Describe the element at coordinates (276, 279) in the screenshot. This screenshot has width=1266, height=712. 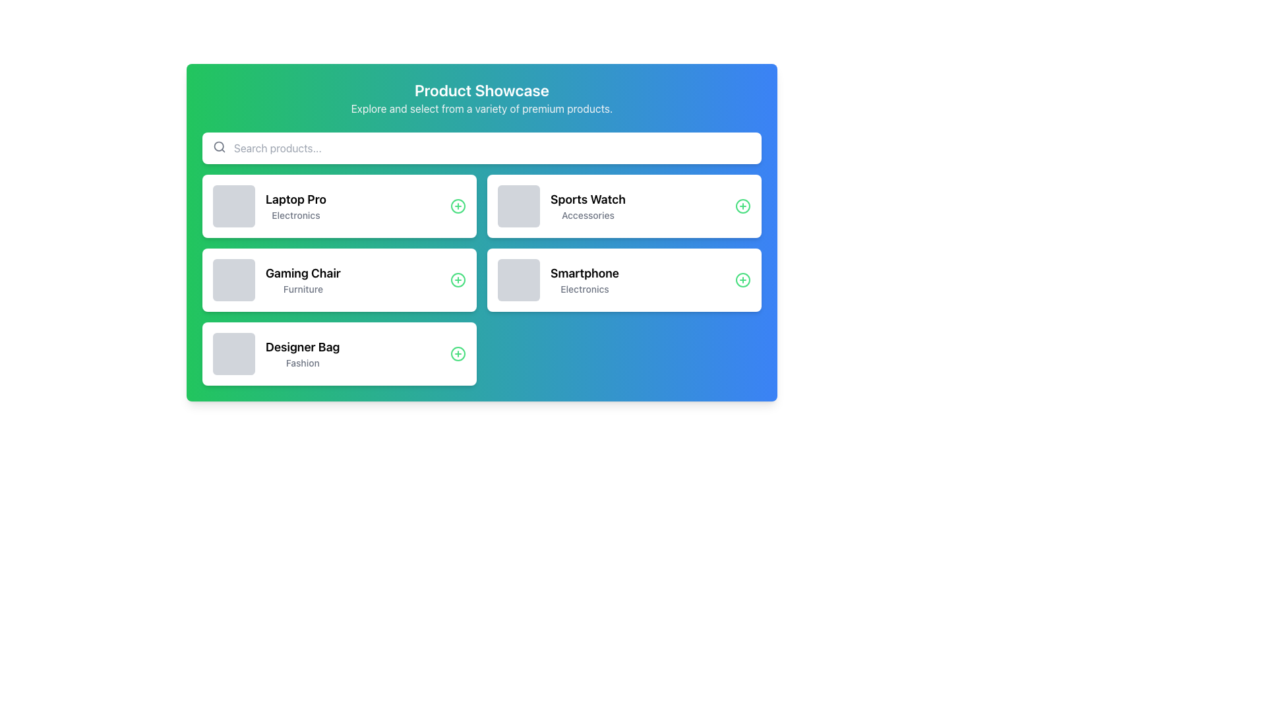
I see `information displayed in the text label containing 'Gaming Chair' and 'Furniture', which is located in the second row, first column of a grid layout, below 'Laptop Pro' and above 'Designer Bag'` at that location.